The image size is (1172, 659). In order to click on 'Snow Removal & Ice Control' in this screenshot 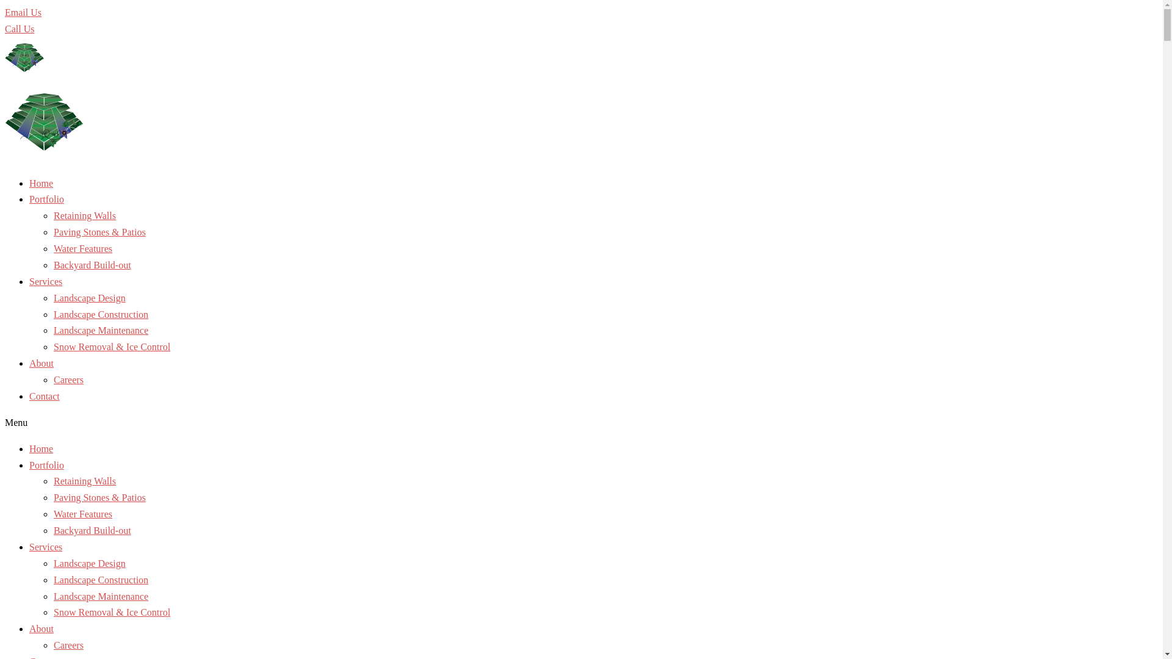, I will do `click(112, 612)`.